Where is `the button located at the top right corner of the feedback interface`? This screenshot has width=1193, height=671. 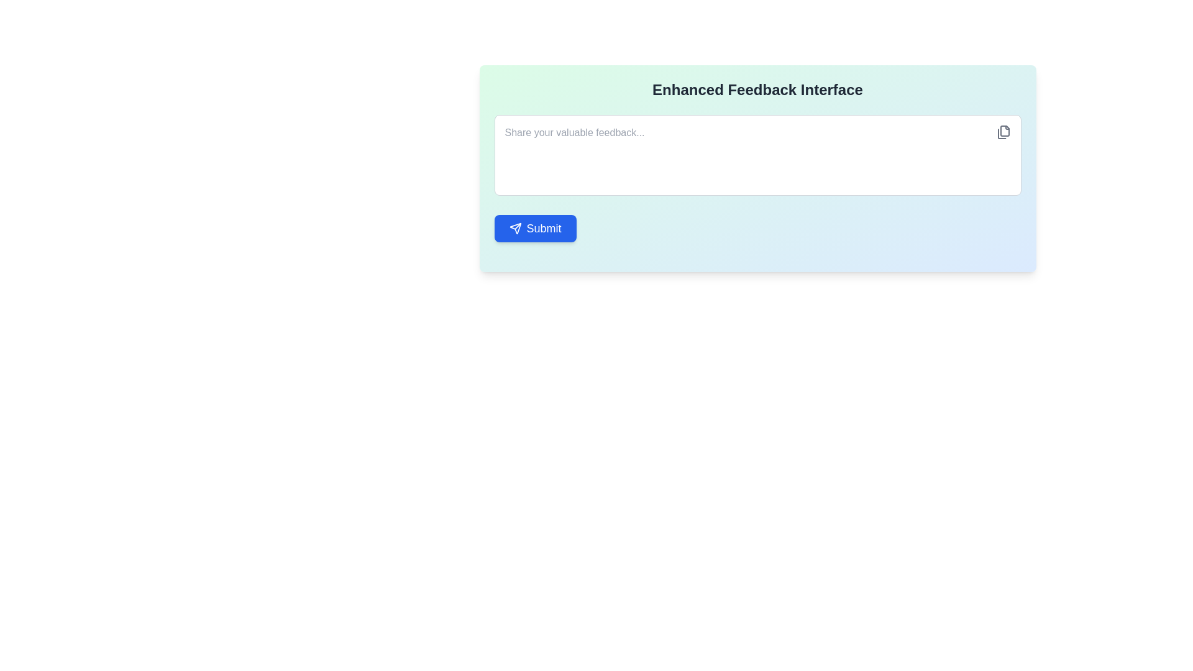 the button located at the top right corner of the feedback interface is located at coordinates (1003, 132).